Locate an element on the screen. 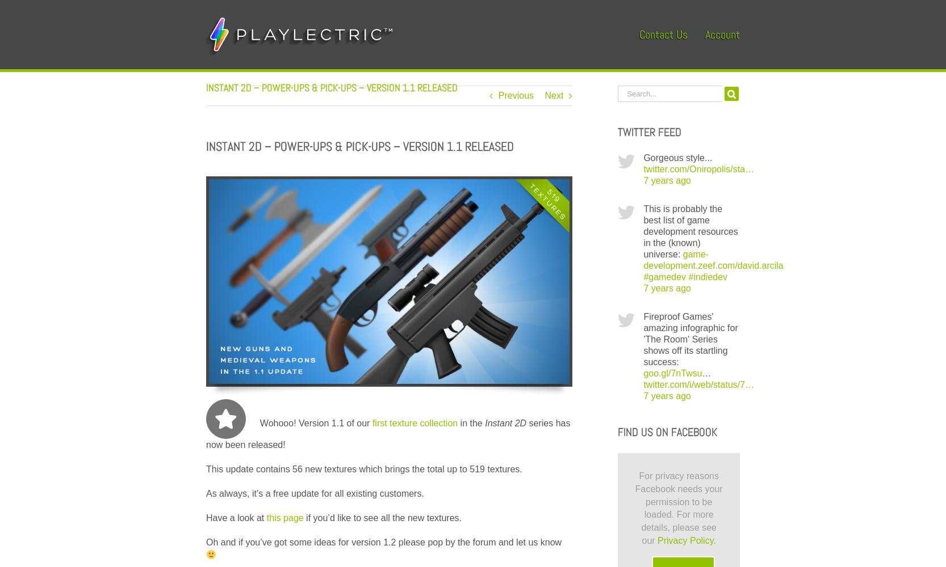  'Find us on Facebook' is located at coordinates (667, 432).